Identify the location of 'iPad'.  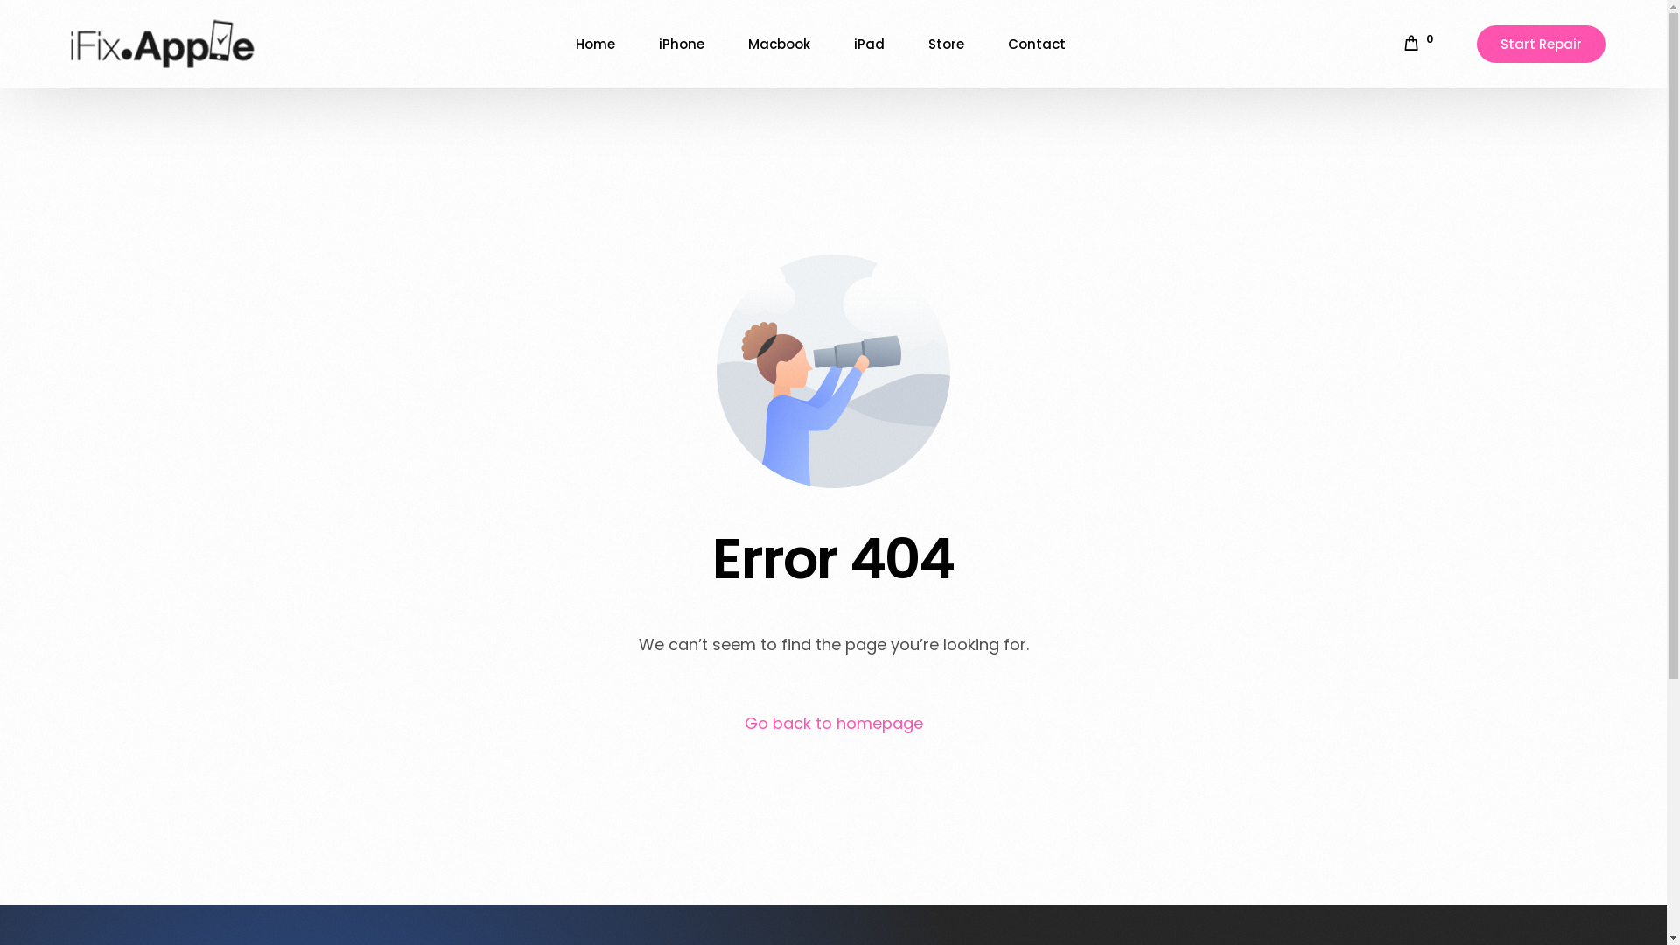
(869, 43).